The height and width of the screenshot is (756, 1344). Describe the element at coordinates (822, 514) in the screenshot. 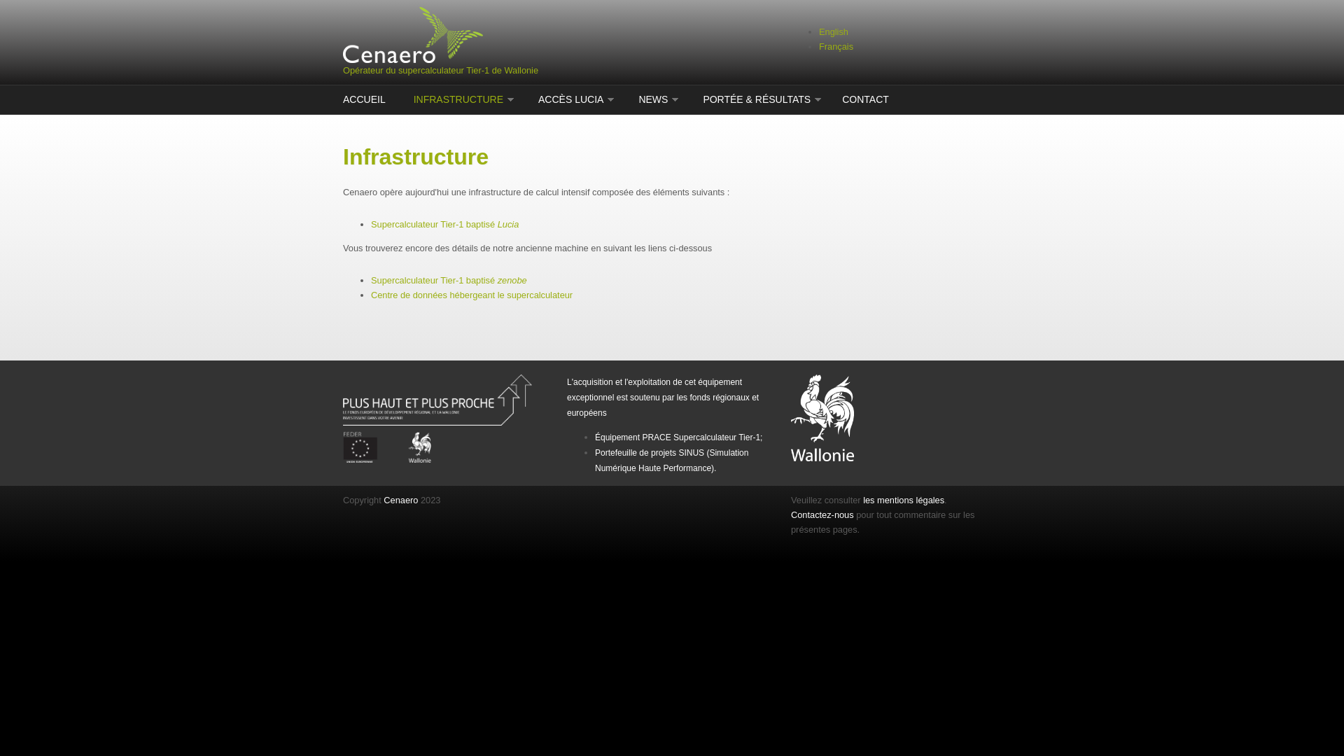

I see `'Contactez-nous'` at that location.